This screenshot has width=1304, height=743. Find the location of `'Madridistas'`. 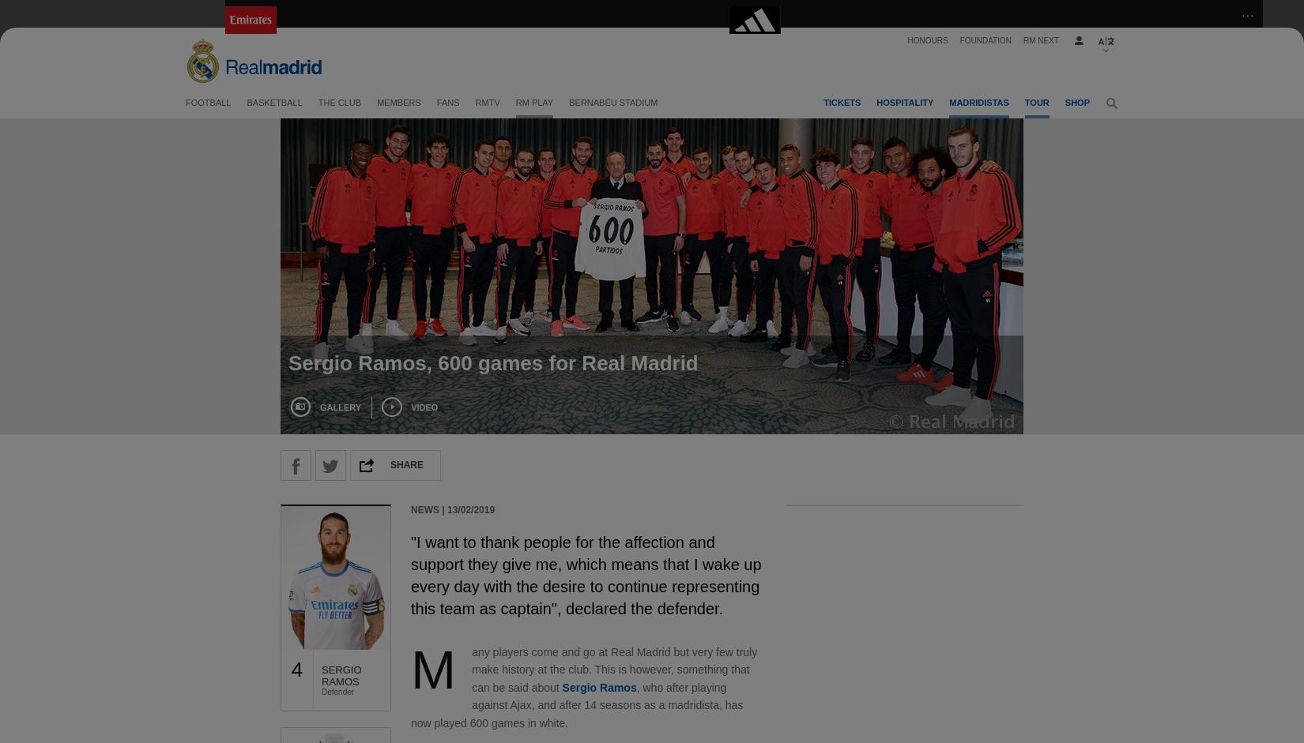

'Madridistas' is located at coordinates (978, 102).